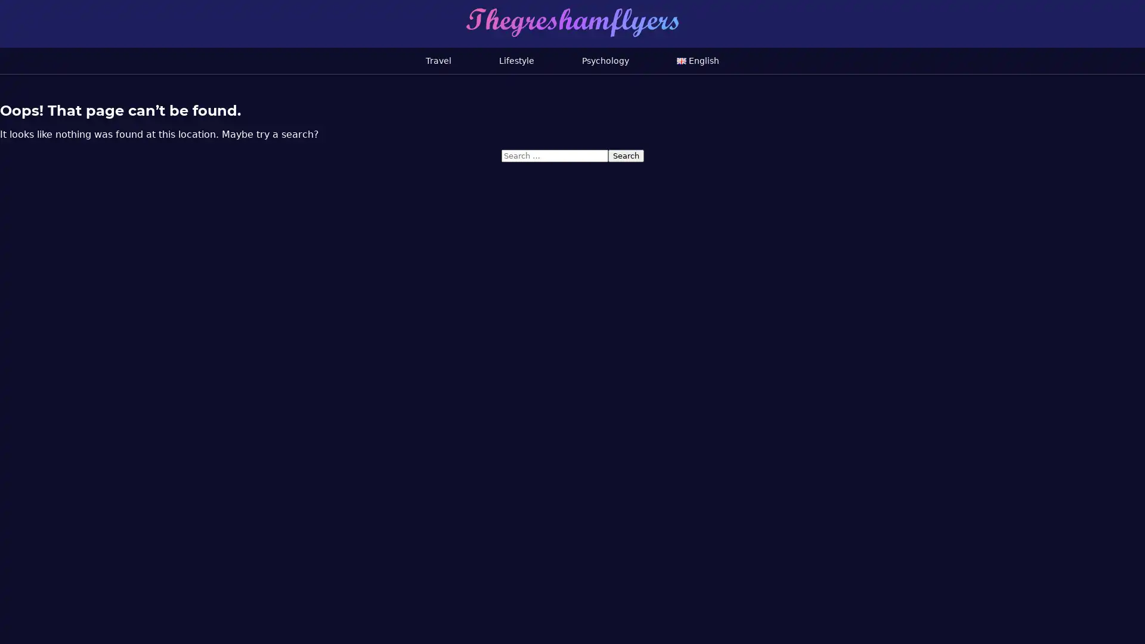  I want to click on Search, so click(625, 155).